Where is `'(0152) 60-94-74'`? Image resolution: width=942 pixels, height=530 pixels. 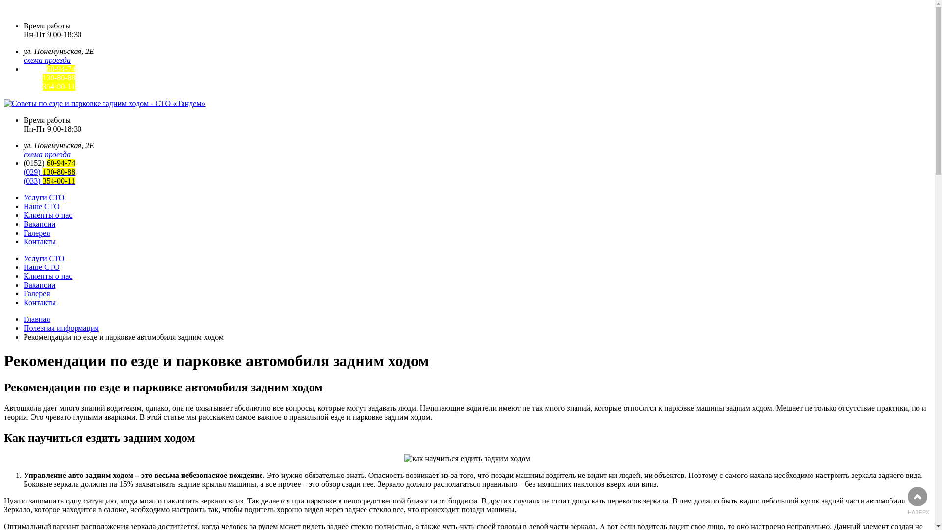 '(0152) 60-94-74' is located at coordinates (49, 68).